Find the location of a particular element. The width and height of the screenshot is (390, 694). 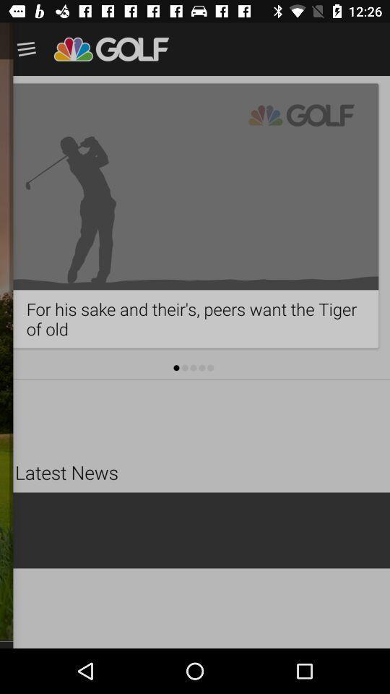

the latest news is located at coordinates (97, 492).